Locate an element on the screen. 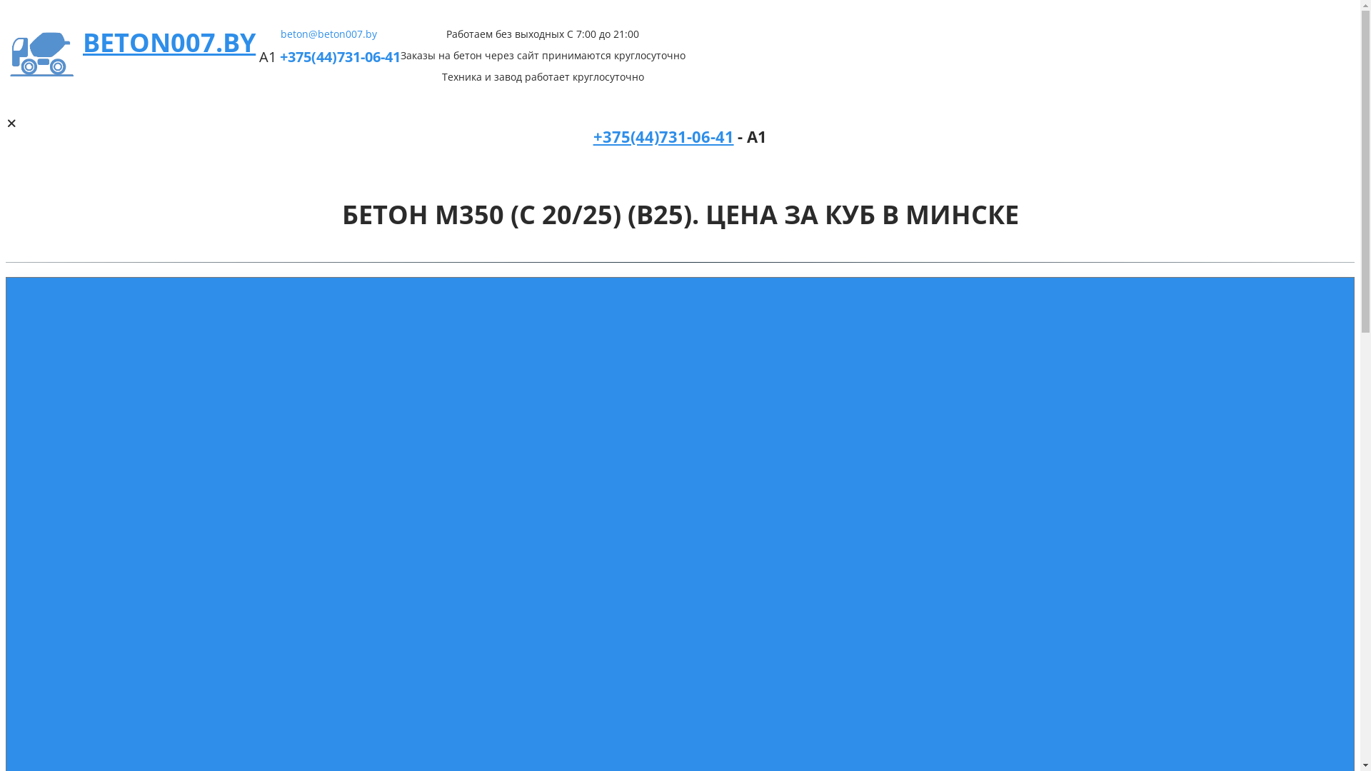 The width and height of the screenshot is (1371, 771). '+375(44)731-06-41' is located at coordinates (663, 138).